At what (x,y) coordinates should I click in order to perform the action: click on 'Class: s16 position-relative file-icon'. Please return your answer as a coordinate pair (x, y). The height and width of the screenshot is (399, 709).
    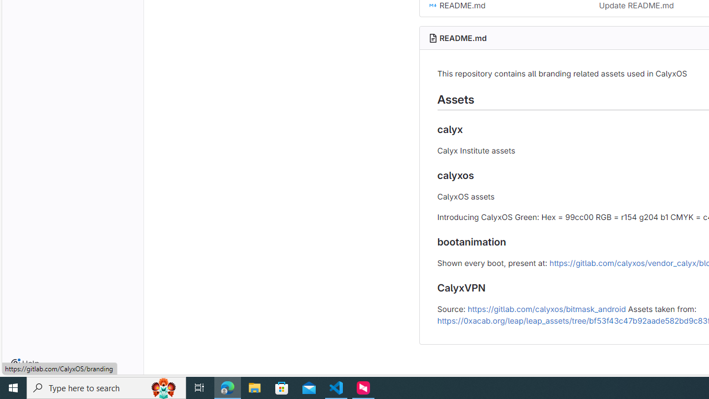
    Looking at the image, I should click on (432, 6).